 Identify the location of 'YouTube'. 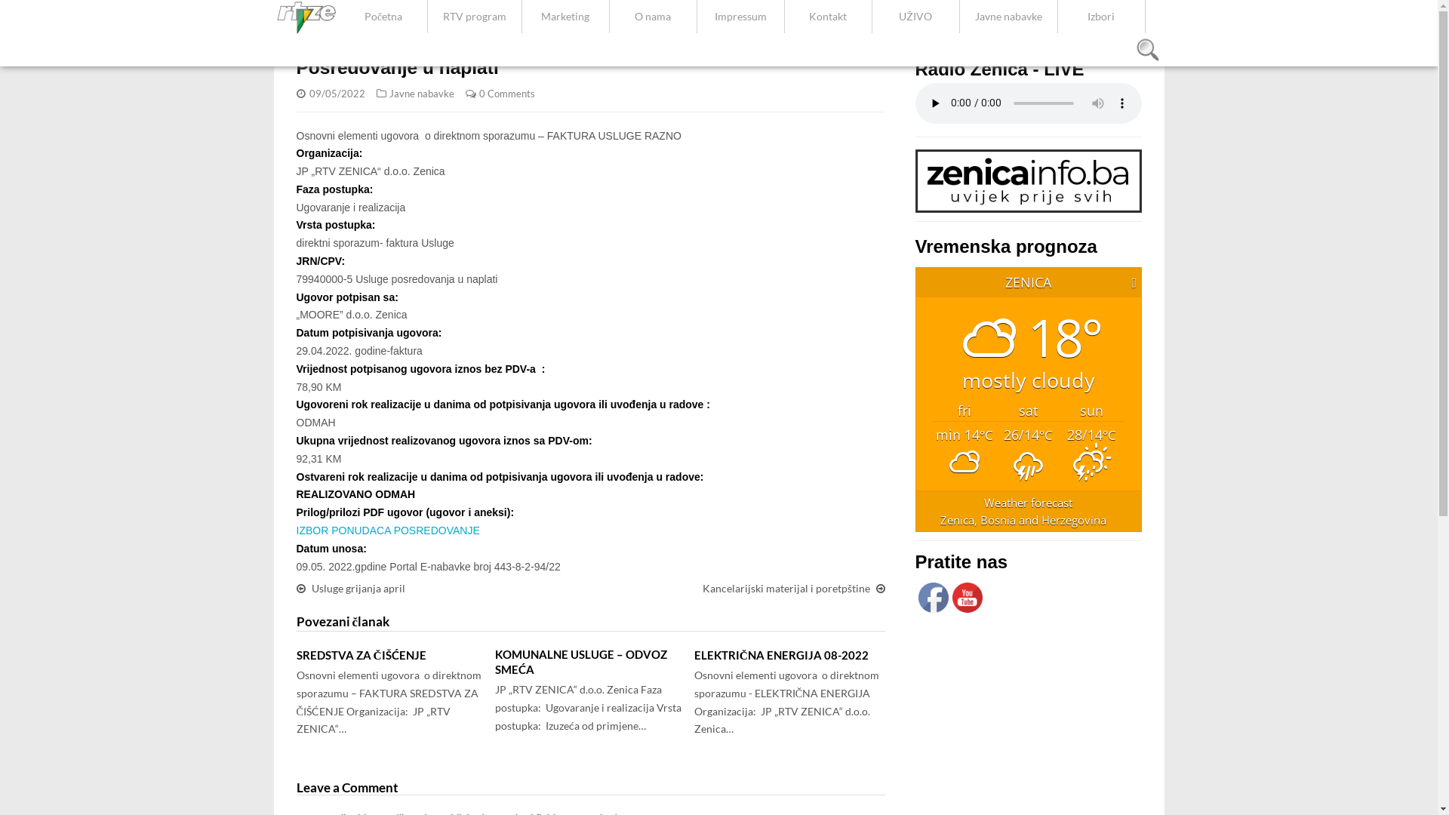
(967, 596).